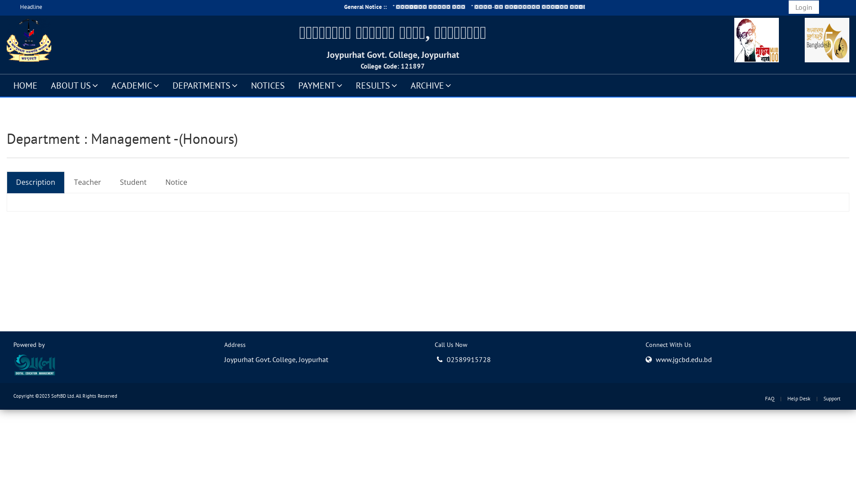 The width and height of the screenshot is (856, 481). Describe the element at coordinates (831, 397) in the screenshot. I see `'Support'` at that location.